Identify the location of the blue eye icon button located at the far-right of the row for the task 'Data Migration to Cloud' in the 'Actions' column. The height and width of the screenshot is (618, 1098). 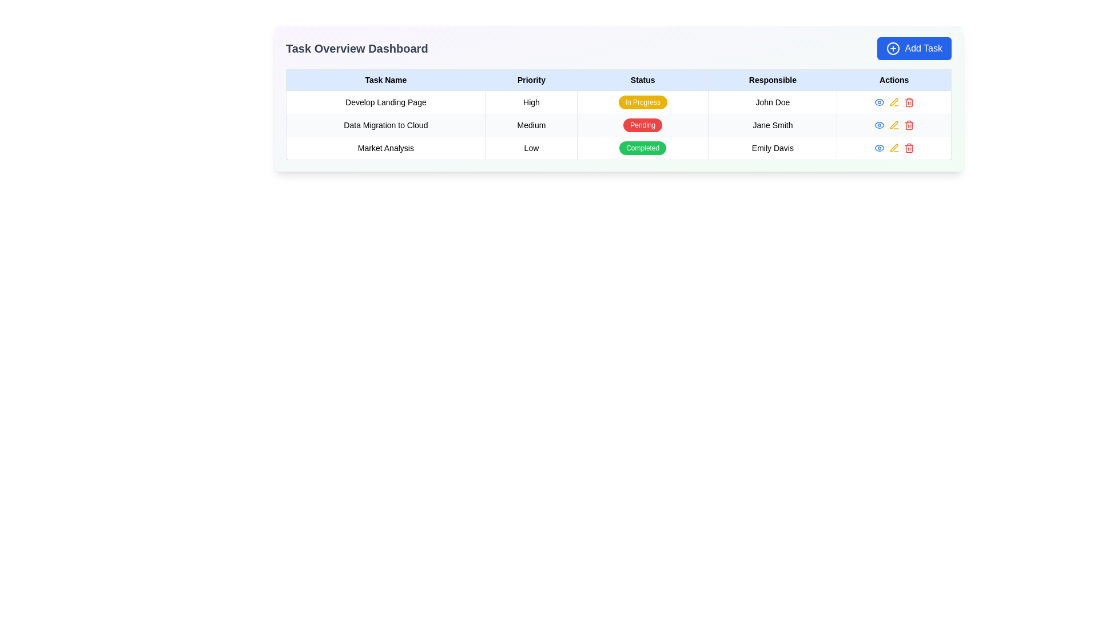
(878, 101).